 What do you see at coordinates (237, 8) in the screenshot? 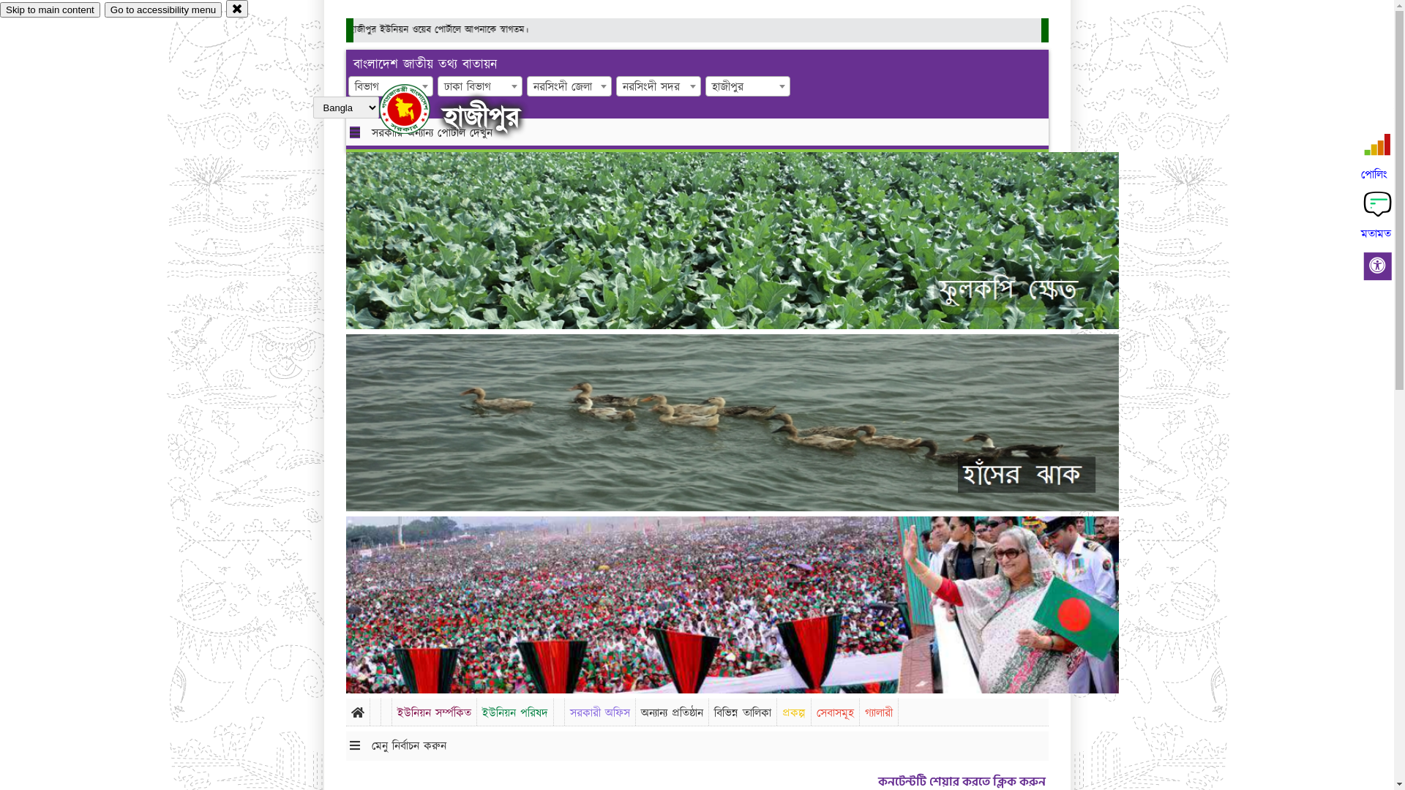
I see `'close'` at bounding box center [237, 8].